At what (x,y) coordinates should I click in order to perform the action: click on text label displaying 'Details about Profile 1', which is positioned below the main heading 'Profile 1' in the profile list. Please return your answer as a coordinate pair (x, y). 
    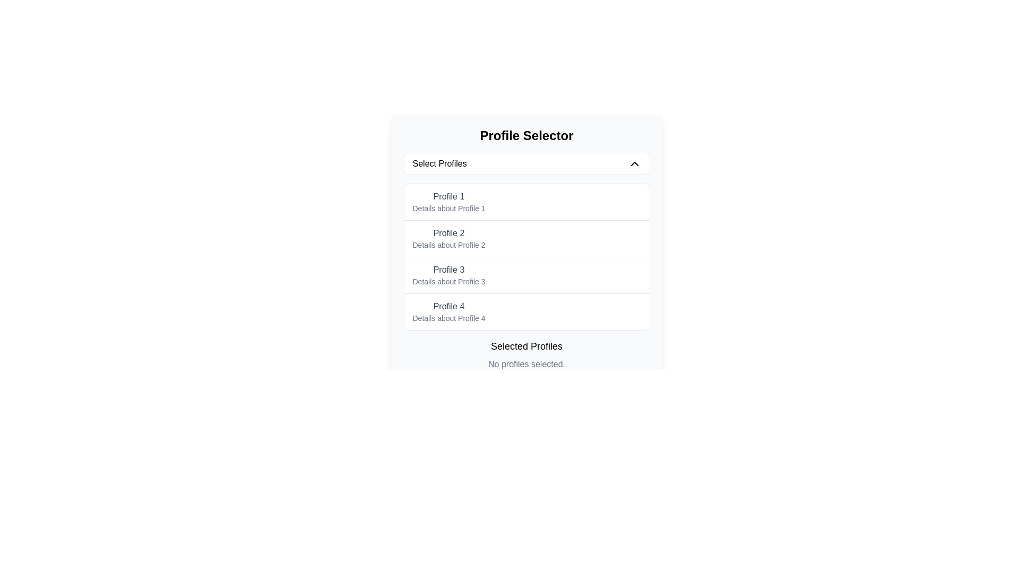
    Looking at the image, I should click on (448, 209).